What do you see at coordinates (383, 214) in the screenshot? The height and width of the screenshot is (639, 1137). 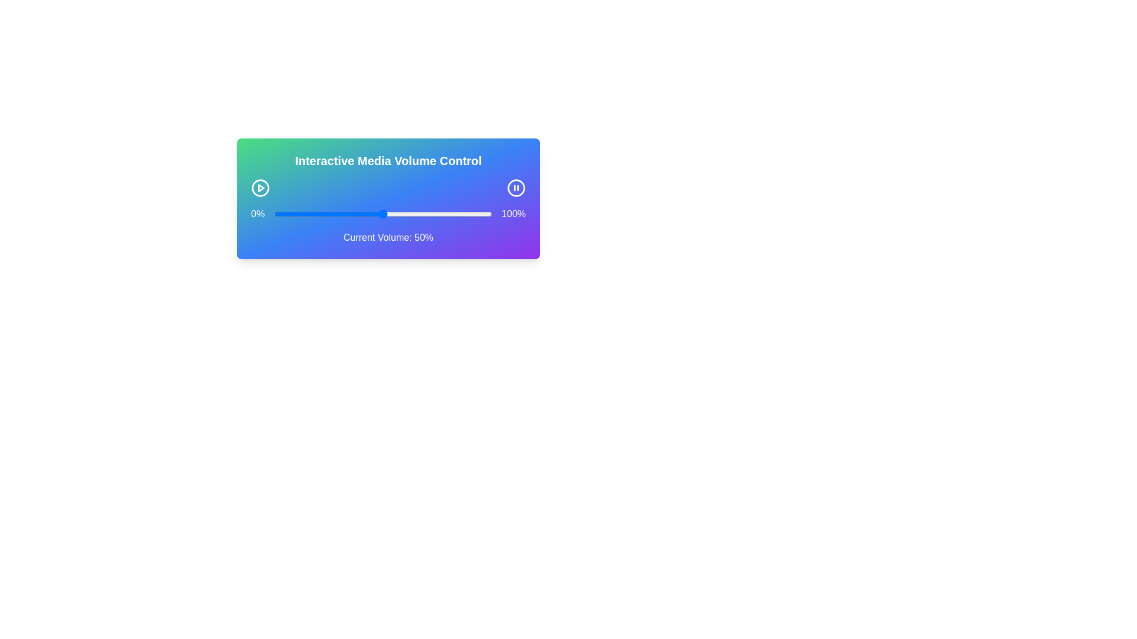 I see `the volume slider to 50%` at bounding box center [383, 214].